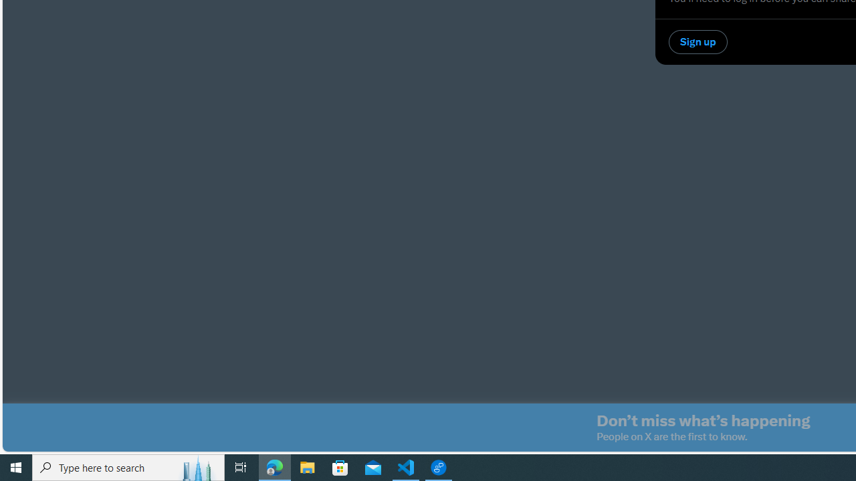 Image resolution: width=856 pixels, height=481 pixels. Describe the element at coordinates (274, 466) in the screenshot. I see `'Microsoft Edge - 1 running window'` at that location.